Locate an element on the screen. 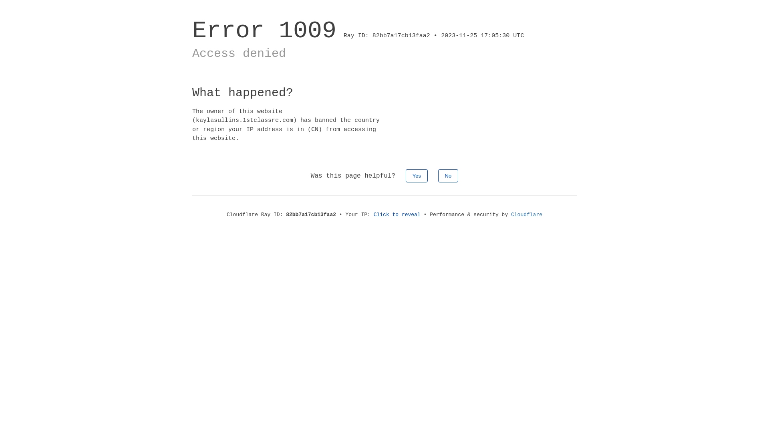 This screenshot has width=769, height=433. 'Click to reveal' is located at coordinates (397, 214).